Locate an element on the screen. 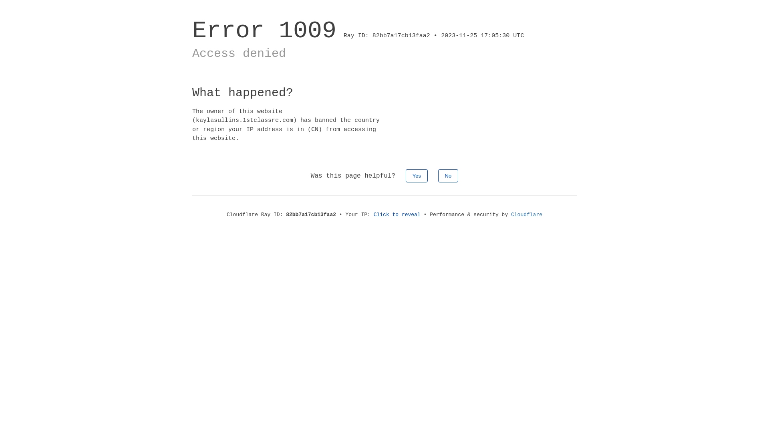 This screenshot has width=769, height=433. 'Click to reveal' is located at coordinates (397, 214).